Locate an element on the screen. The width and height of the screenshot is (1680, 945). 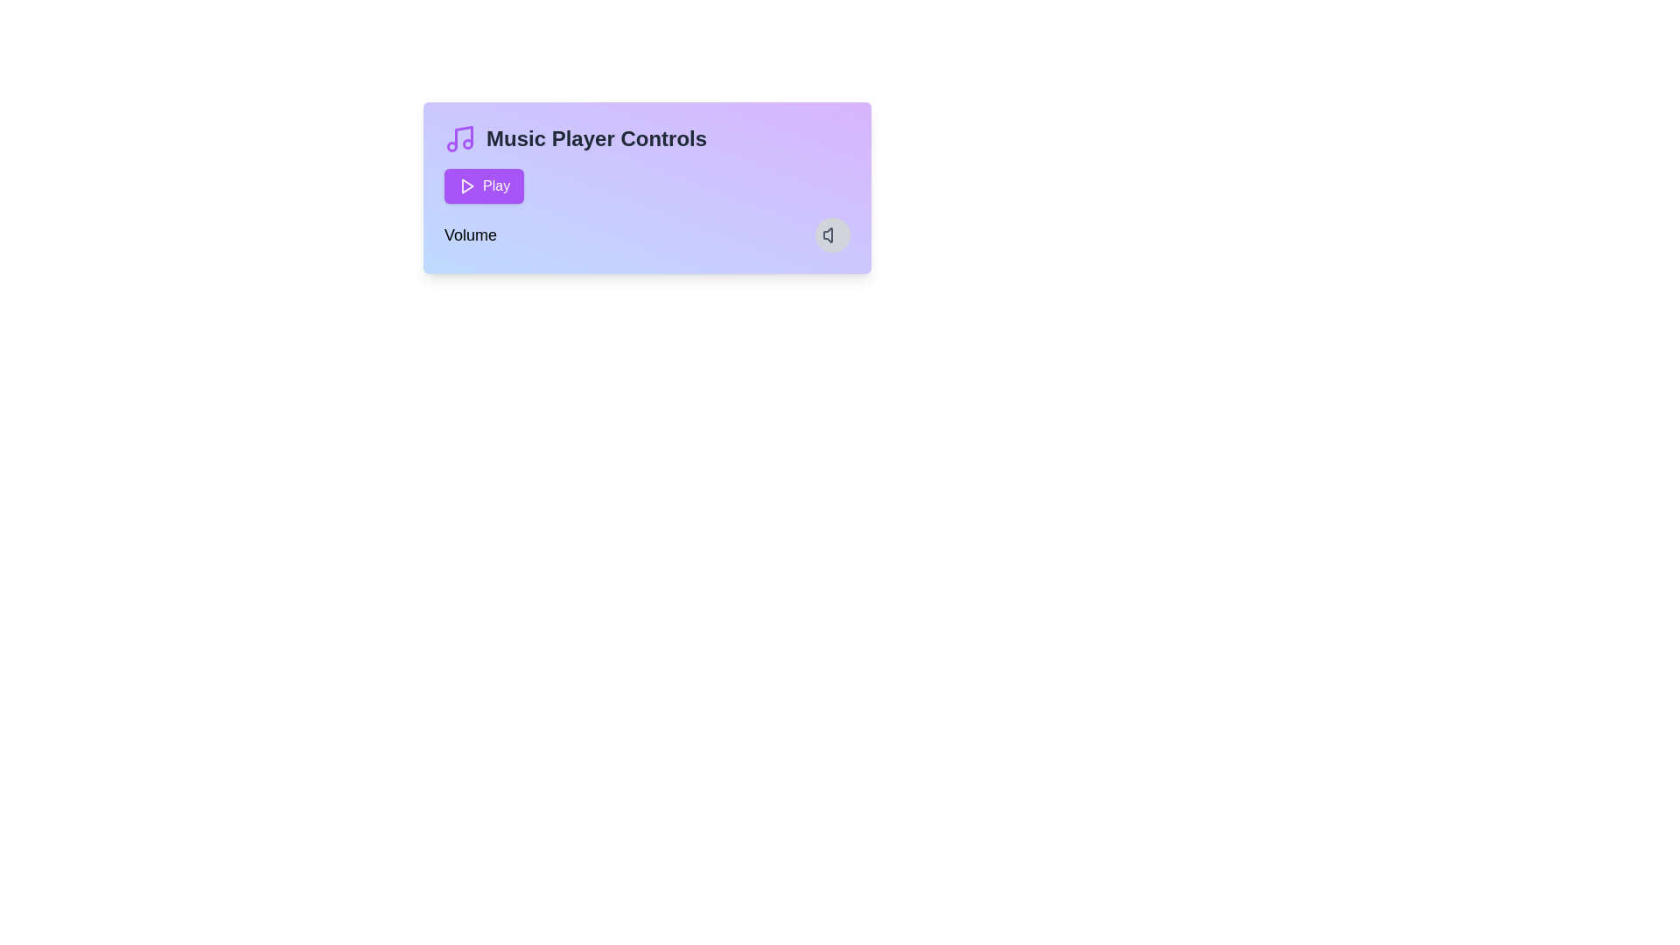
the static text displaying 'Music Player Controls' in bold and dark gray color, located near the top-left quadrant of the interface is located at coordinates (596, 137).